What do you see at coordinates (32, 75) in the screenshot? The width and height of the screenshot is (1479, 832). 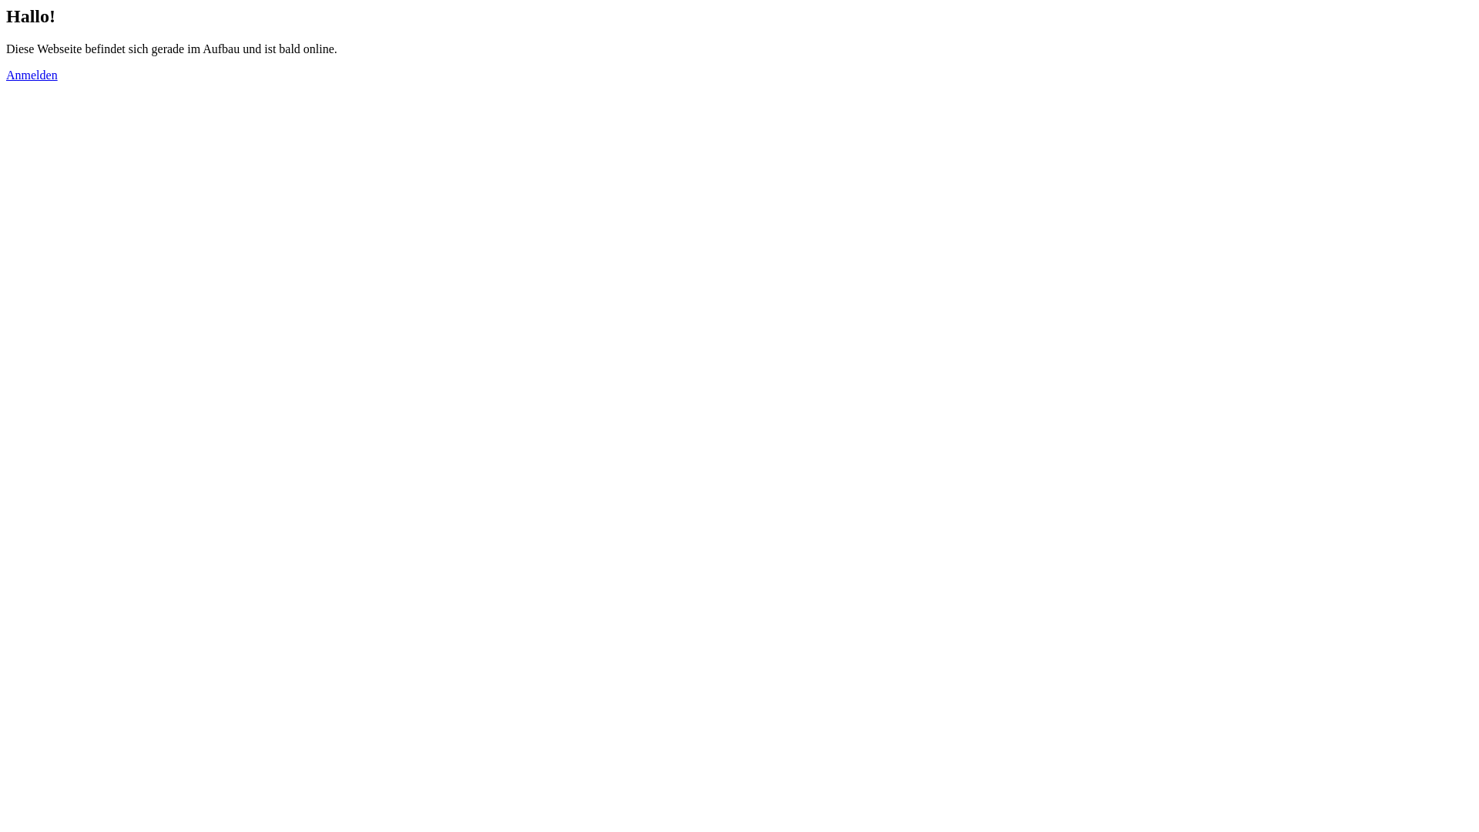 I see `'Anmelden'` at bounding box center [32, 75].